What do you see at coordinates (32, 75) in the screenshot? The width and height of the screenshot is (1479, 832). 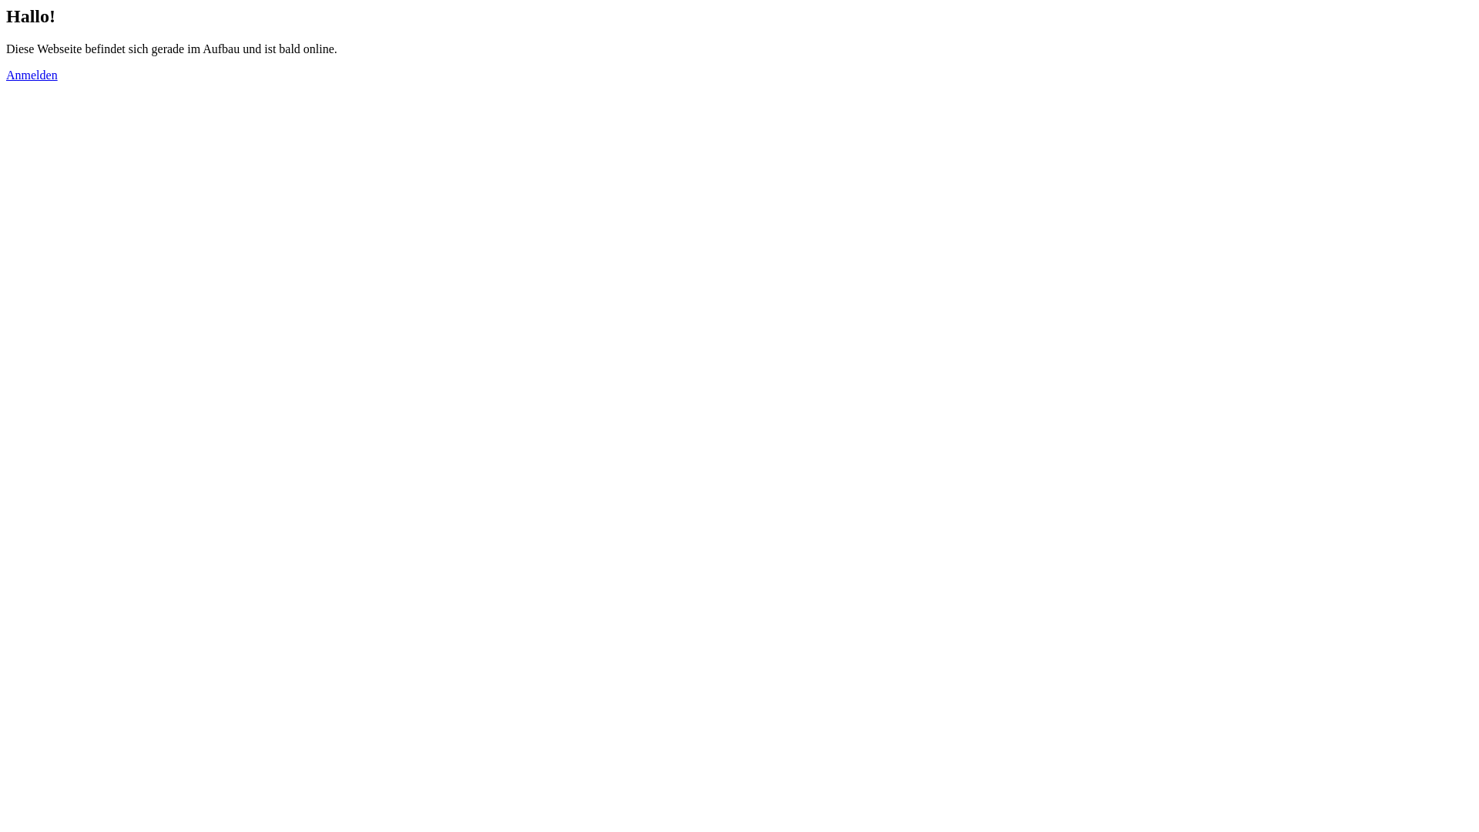 I see `'Anmelden'` at bounding box center [32, 75].